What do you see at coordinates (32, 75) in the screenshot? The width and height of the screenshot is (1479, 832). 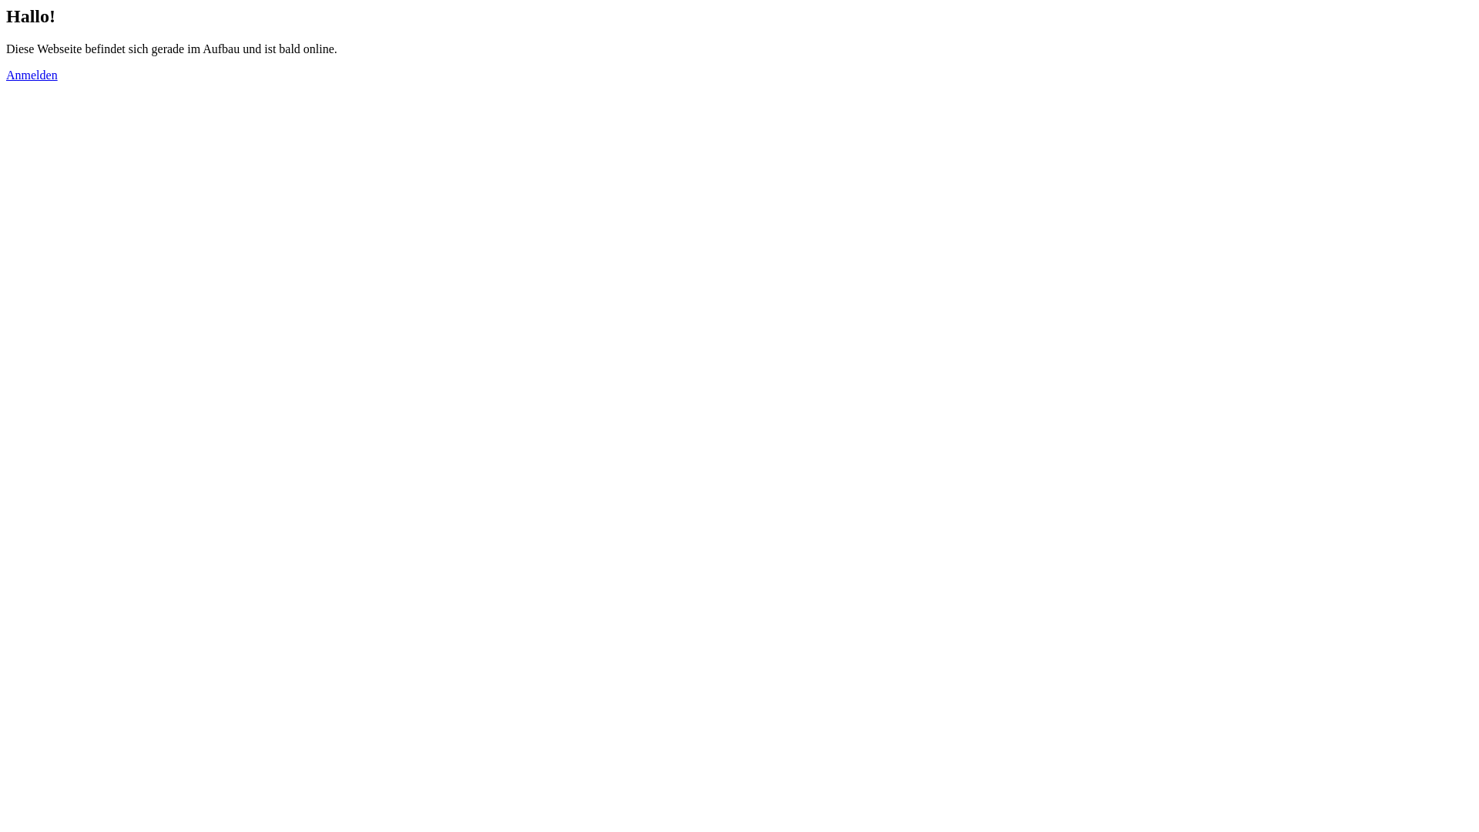 I see `'Anmelden'` at bounding box center [32, 75].